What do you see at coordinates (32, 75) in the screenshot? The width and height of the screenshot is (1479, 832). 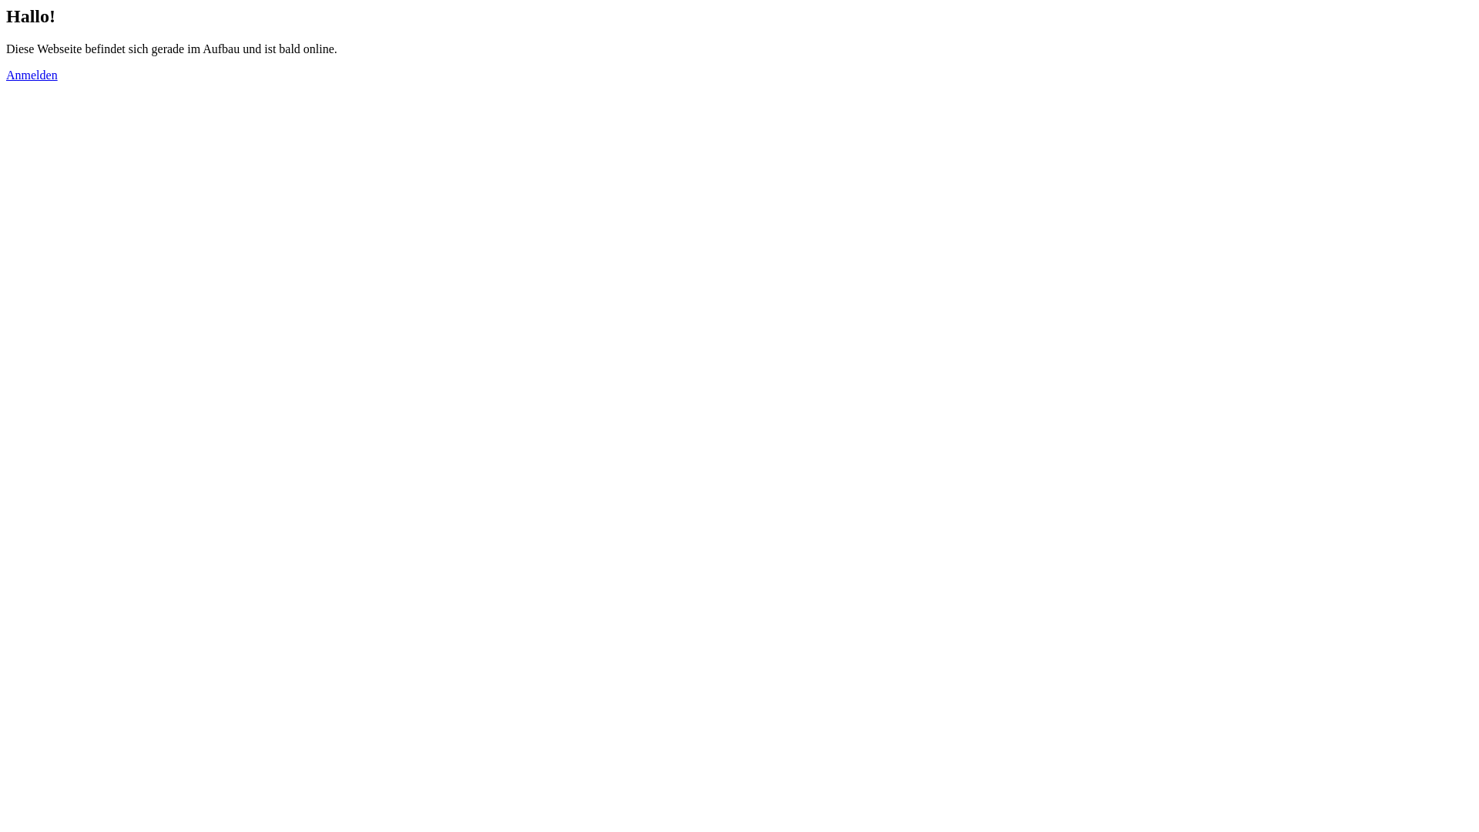 I see `'Anmelden'` at bounding box center [32, 75].